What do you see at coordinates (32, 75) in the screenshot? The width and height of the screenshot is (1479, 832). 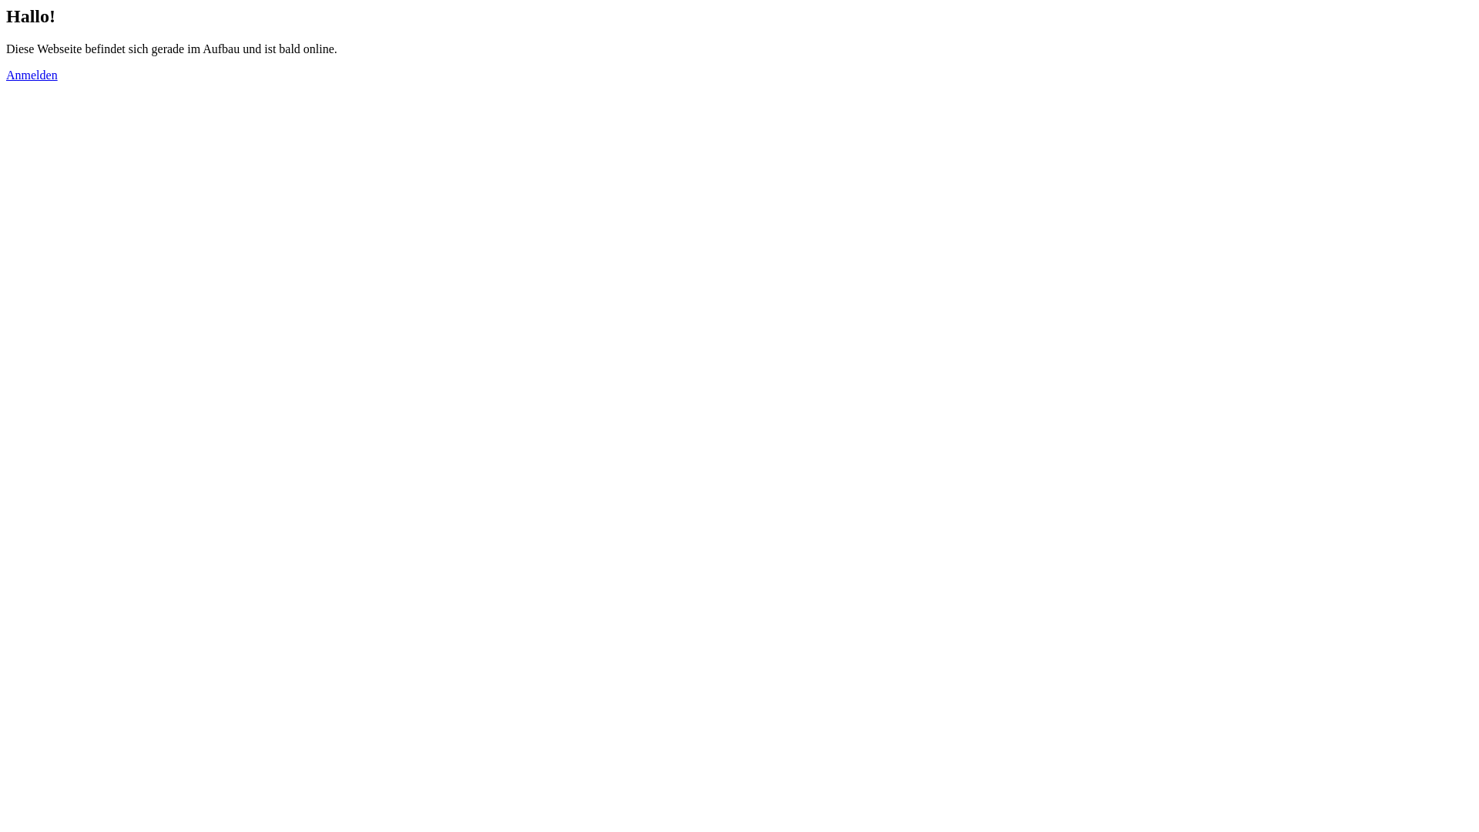 I see `'Anmelden'` at bounding box center [32, 75].